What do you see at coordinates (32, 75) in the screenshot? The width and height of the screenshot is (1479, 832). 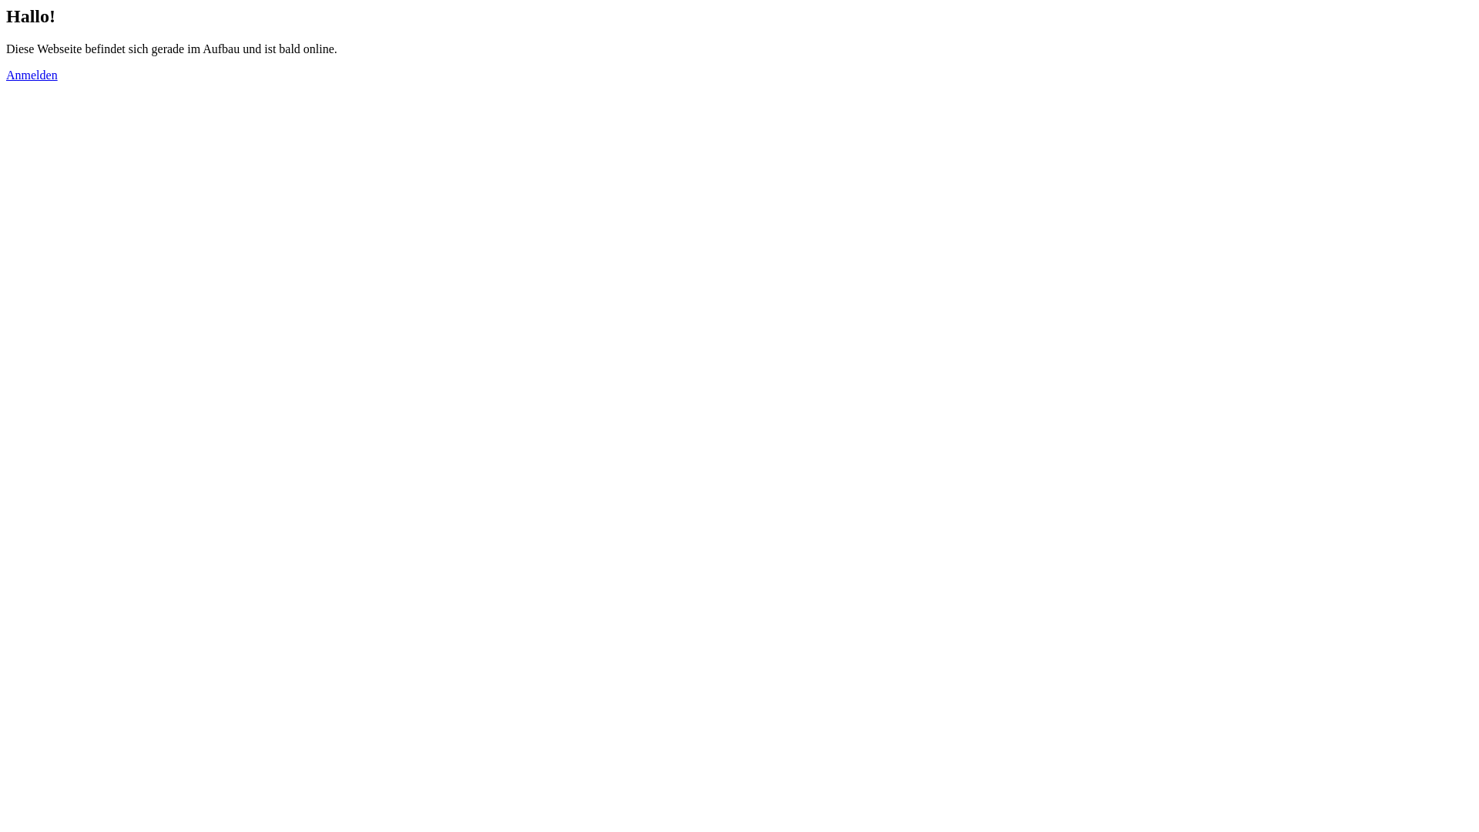 I see `'Anmelden'` at bounding box center [32, 75].